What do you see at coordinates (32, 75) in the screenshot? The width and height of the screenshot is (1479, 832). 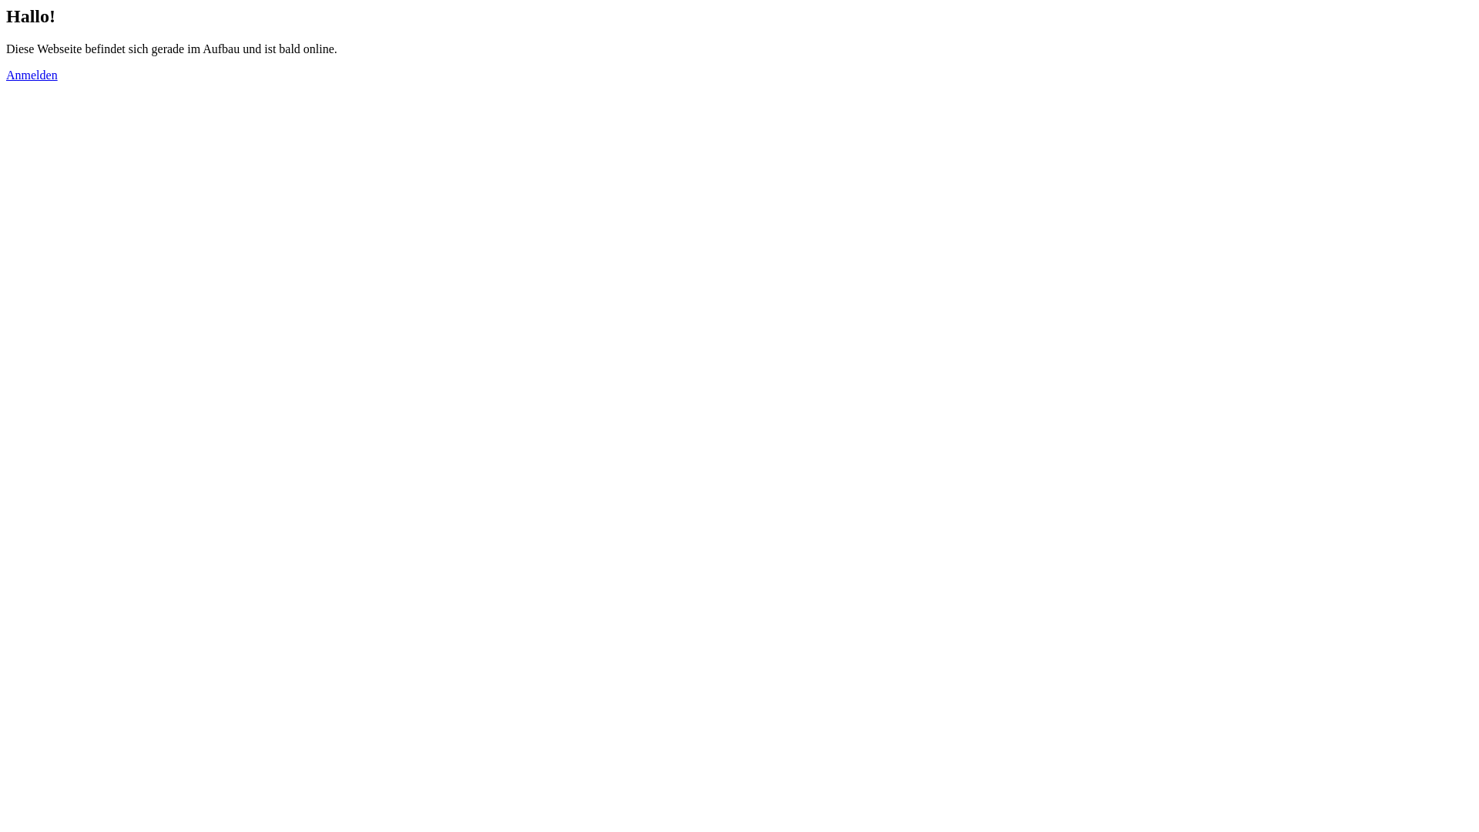 I see `'Anmelden'` at bounding box center [32, 75].